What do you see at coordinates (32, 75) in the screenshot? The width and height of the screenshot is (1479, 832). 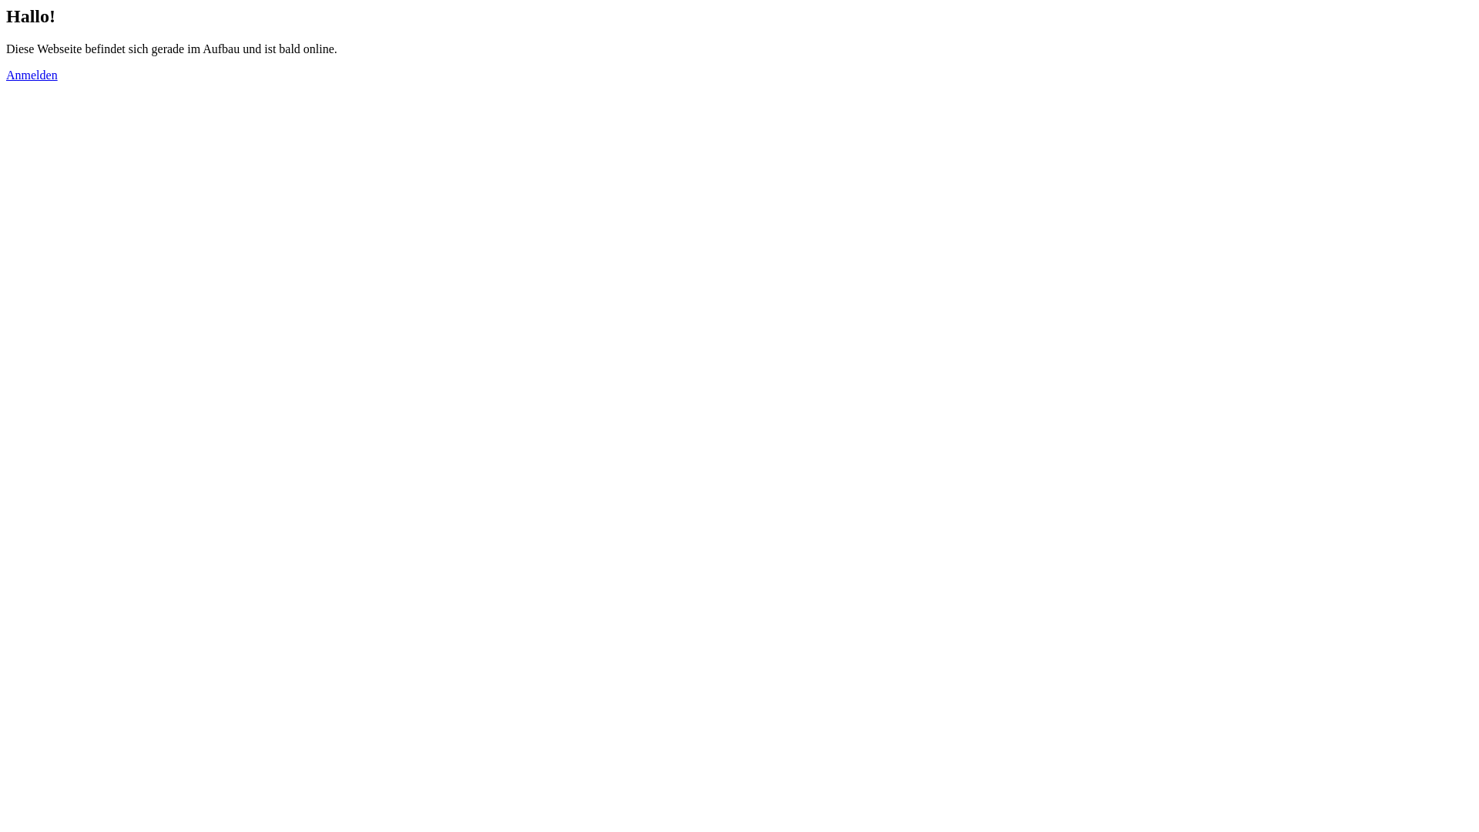 I see `'Anmelden'` at bounding box center [32, 75].